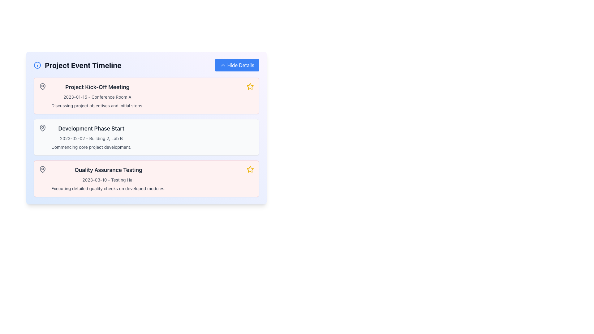 The width and height of the screenshot is (594, 334). I want to click on informational text element displaying '2023-03-10 - Testing Hall', which is styled in a small font size and gray color, positioned below the header 'Quality Assurance Testing', so click(108, 180).